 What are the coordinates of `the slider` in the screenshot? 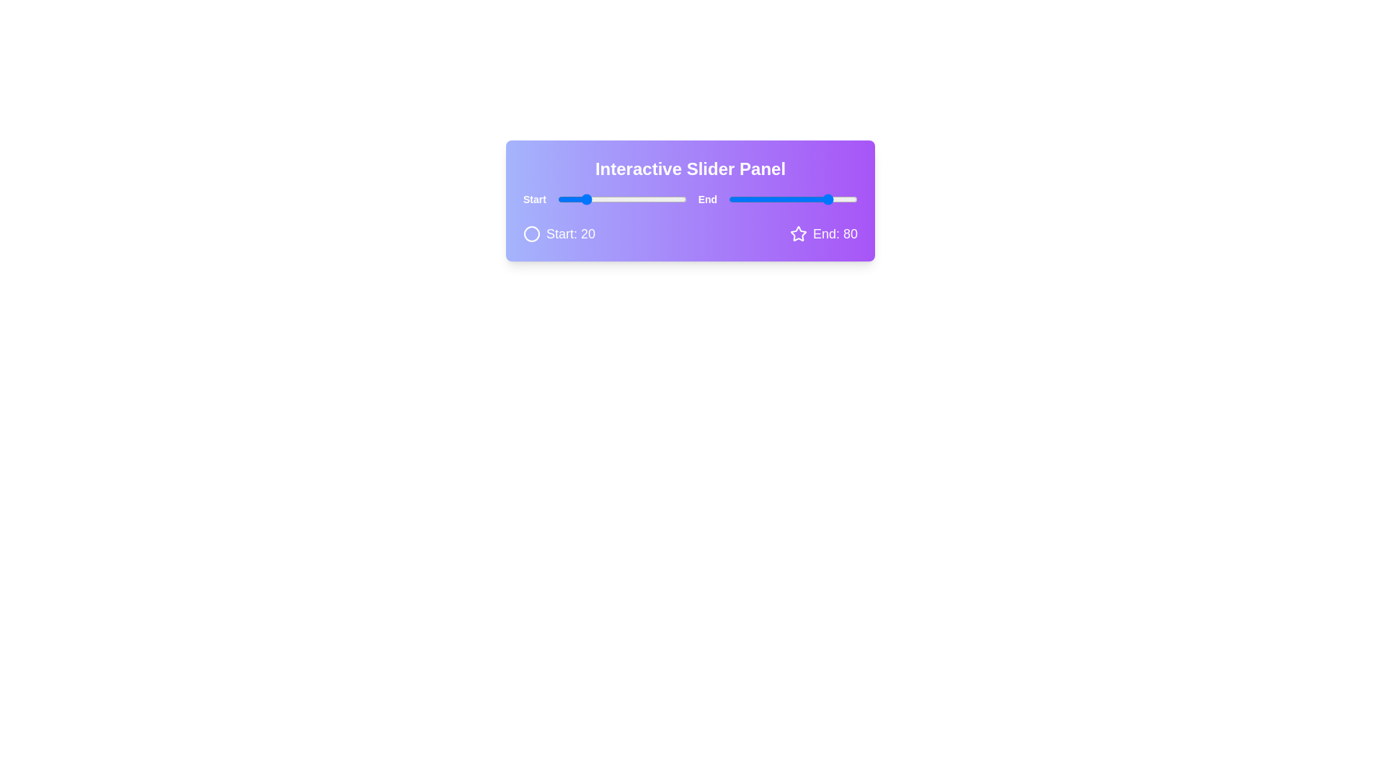 It's located at (802, 200).